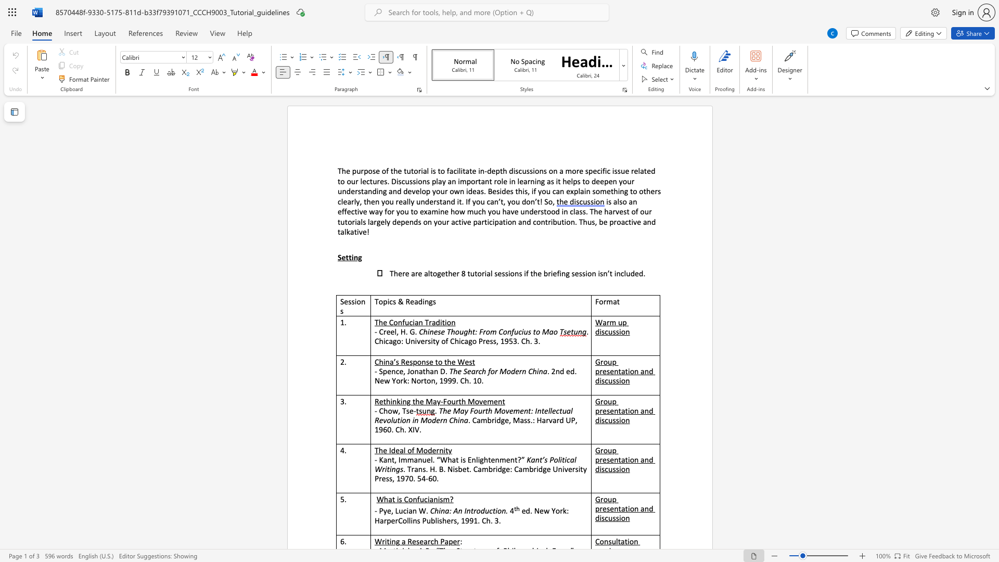 Image resolution: width=999 pixels, height=562 pixels. I want to click on the subset text "- Cree" within the text "- Creel, H. G.", so click(375, 331).